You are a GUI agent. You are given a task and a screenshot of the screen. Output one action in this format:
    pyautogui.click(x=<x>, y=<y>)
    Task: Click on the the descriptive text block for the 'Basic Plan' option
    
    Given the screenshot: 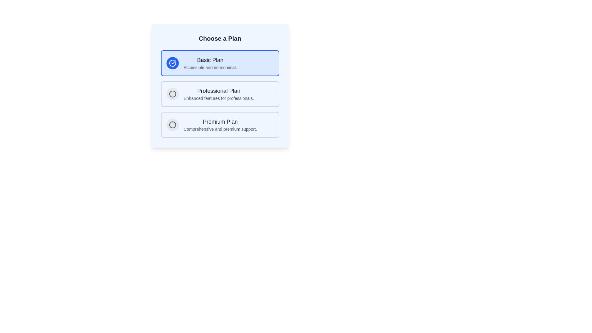 What is the action you would take?
    pyautogui.click(x=210, y=63)
    